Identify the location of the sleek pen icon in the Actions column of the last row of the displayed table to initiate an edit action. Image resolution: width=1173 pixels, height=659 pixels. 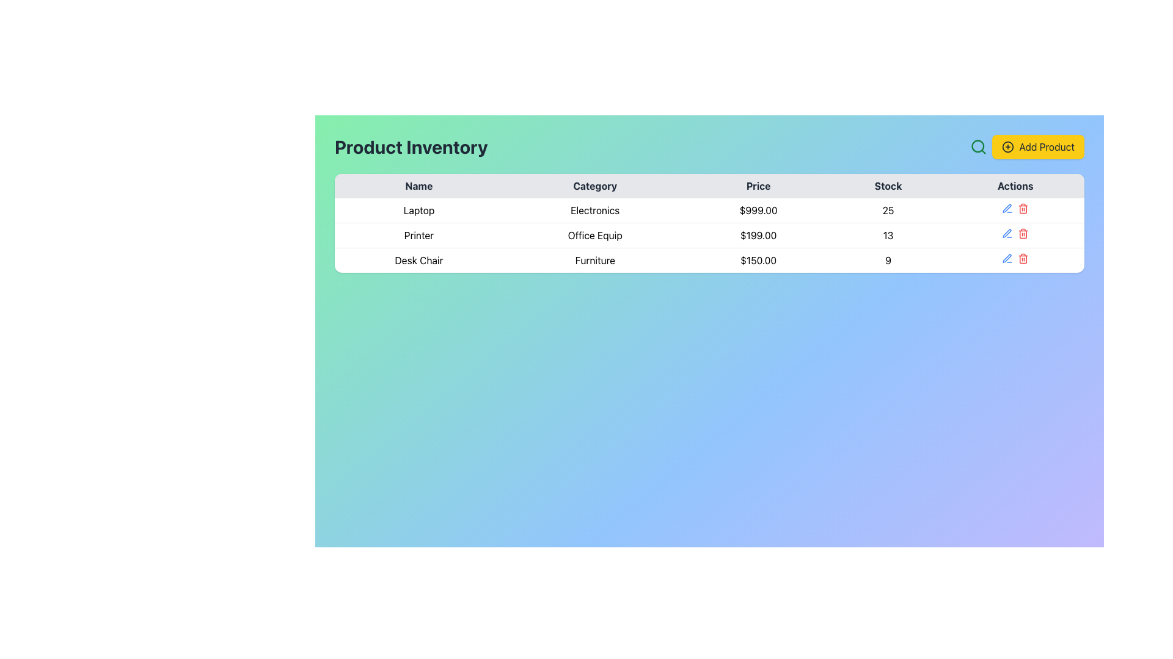
(1007, 207).